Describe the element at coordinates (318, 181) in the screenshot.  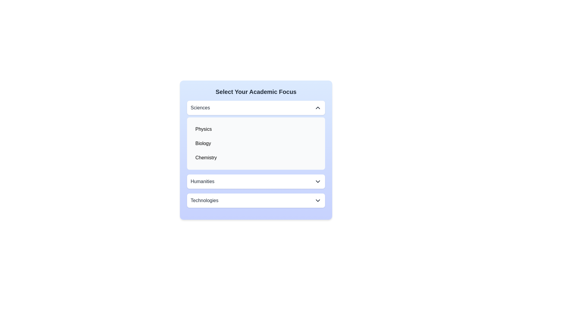
I see `the chevron icon located at the far-right side of the 'Humanities' button` at that location.